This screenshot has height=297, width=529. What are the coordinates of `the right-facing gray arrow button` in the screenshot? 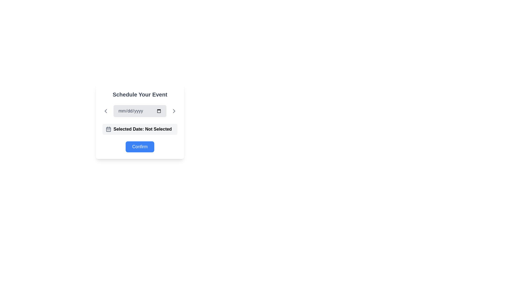 It's located at (174, 111).